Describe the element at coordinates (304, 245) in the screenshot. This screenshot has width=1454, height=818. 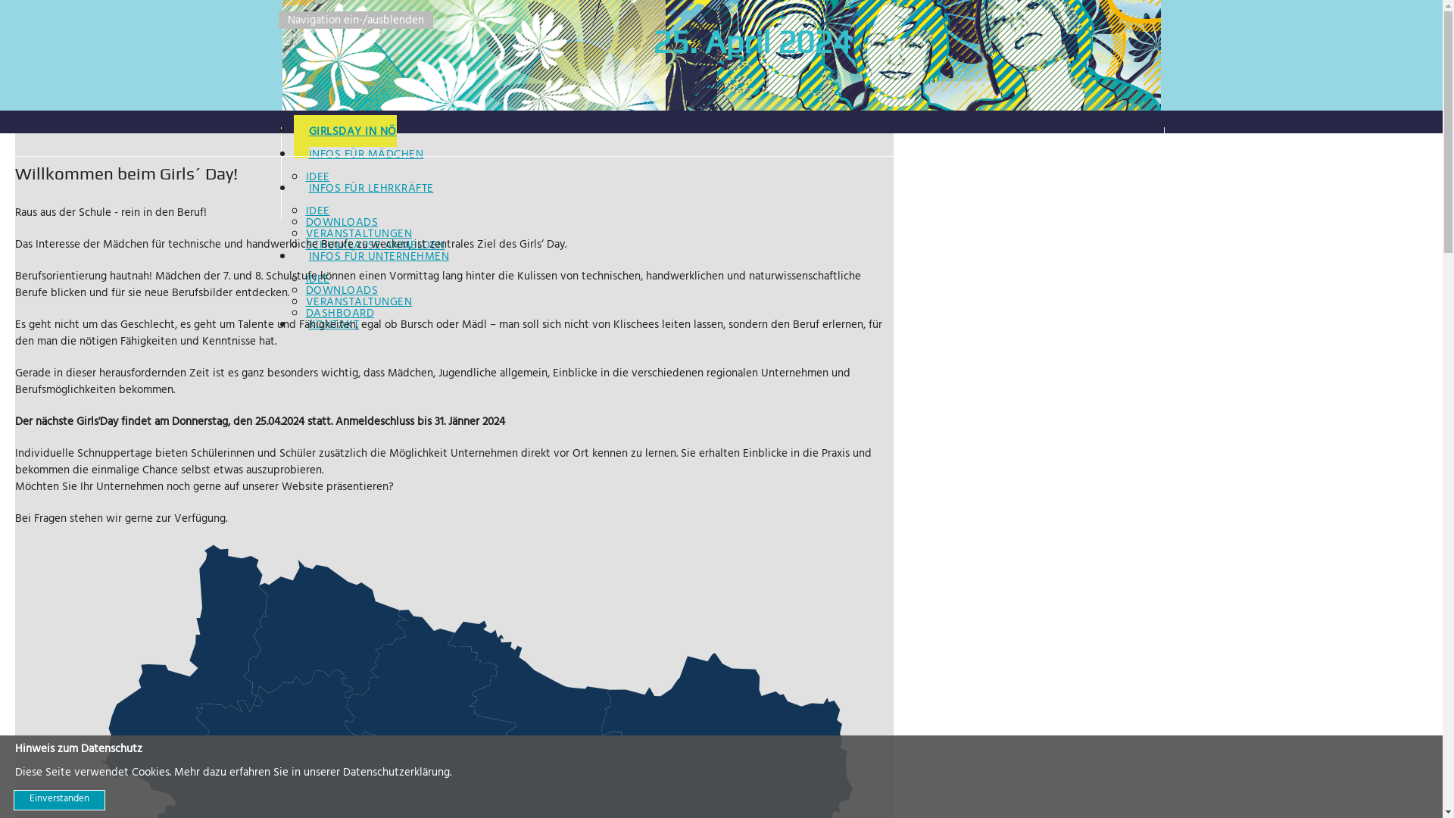
I see `'SCHULKLASSE ANMELDEN'` at that location.